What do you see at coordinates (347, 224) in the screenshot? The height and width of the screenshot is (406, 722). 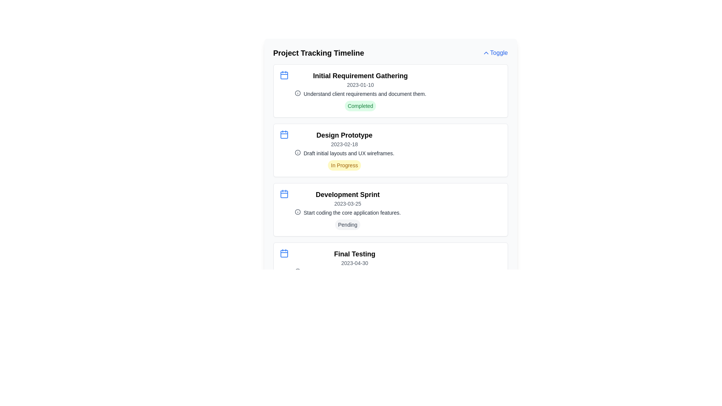 I see `the Status label indicating 'Pending' located beneath the text 'Start coding the core application features.' in the Development Sprint section` at bounding box center [347, 224].